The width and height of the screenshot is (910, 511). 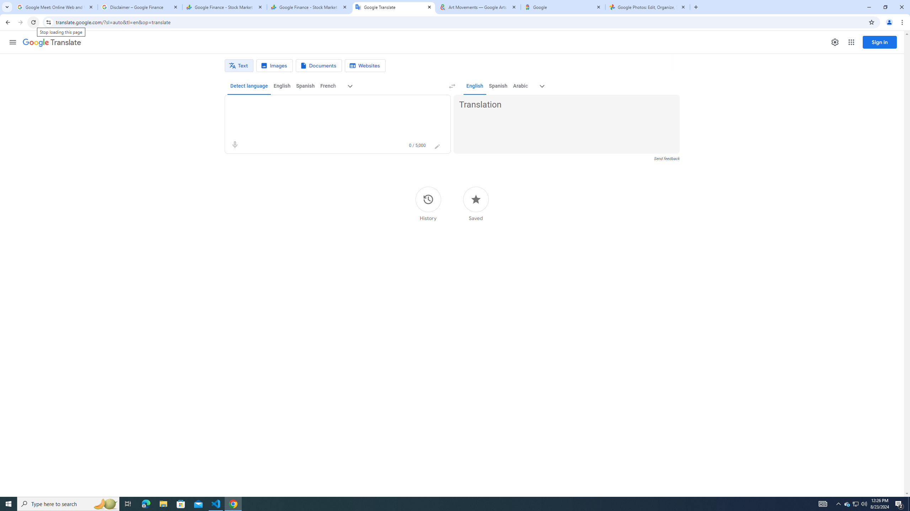 I want to click on 'Detect language', so click(x=249, y=86).